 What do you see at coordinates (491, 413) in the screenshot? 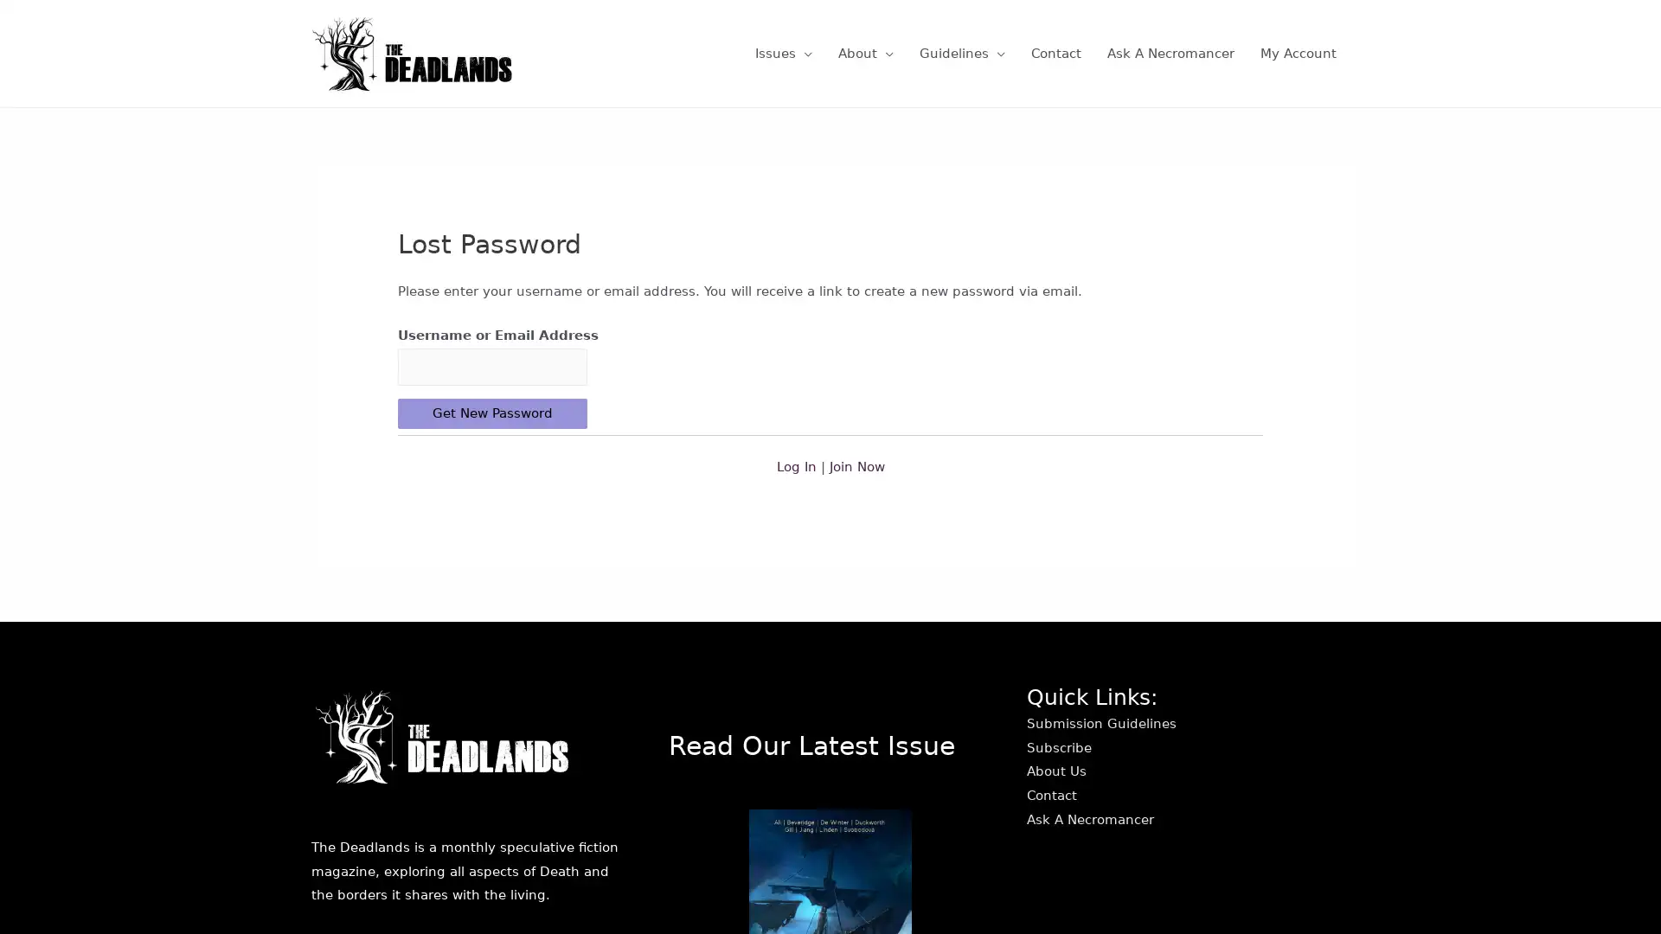
I see `Get New Password` at bounding box center [491, 413].